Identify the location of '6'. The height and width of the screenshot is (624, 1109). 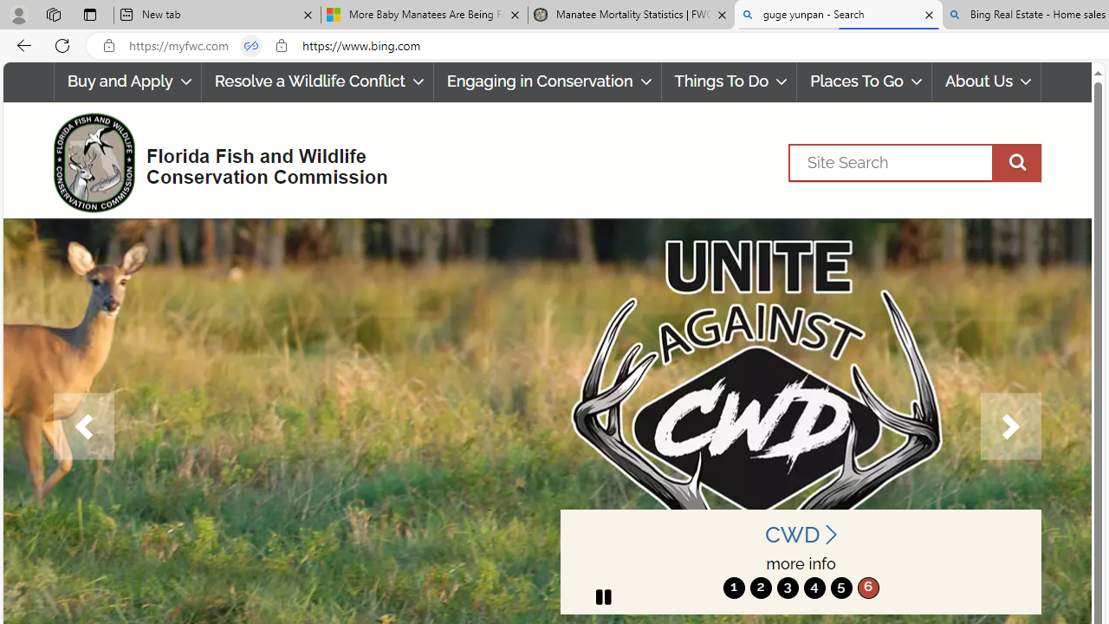
(868, 587).